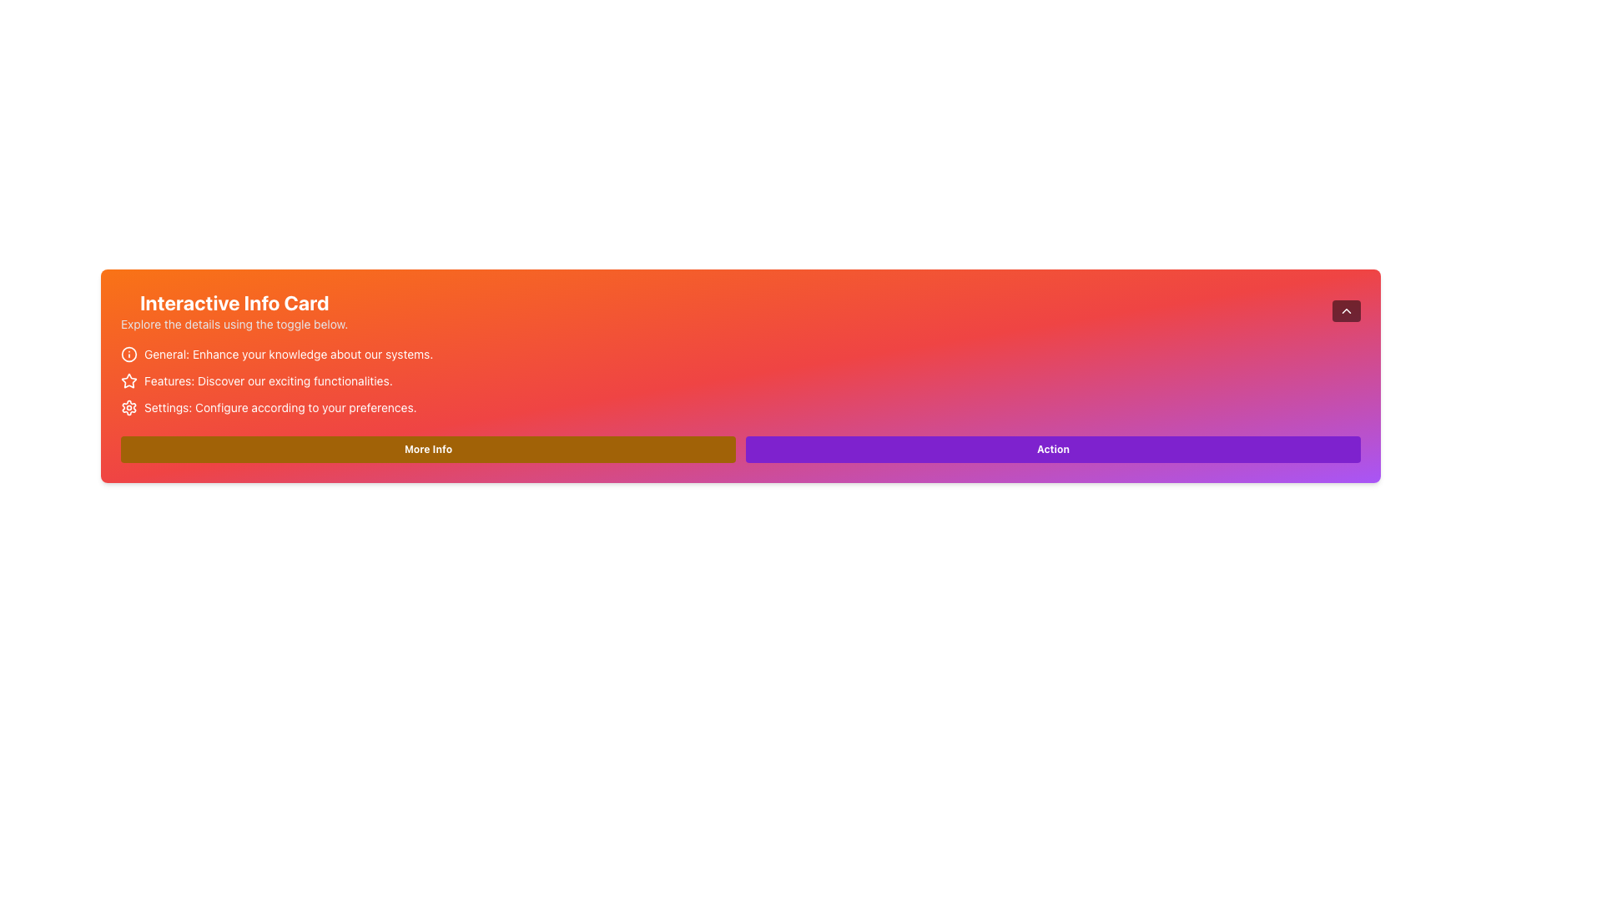 Image resolution: width=1602 pixels, height=901 pixels. What do you see at coordinates (128, 408) in the screenshot?
I see `the gear icon, which is a modern, minimalistic representation of settings` at bounding box center [128, 408].